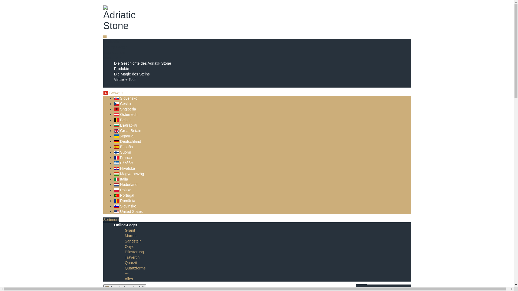  I want to click on 'Pflasterung', so click(124, 252).